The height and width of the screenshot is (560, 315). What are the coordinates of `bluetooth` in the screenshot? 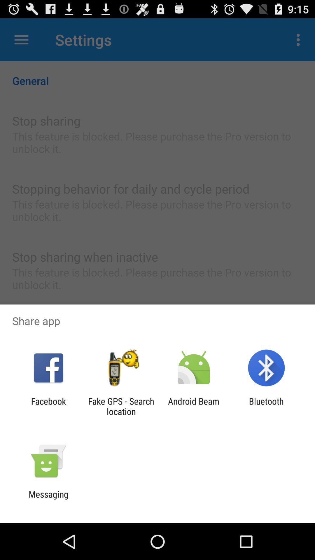 It's located at (266, 406).